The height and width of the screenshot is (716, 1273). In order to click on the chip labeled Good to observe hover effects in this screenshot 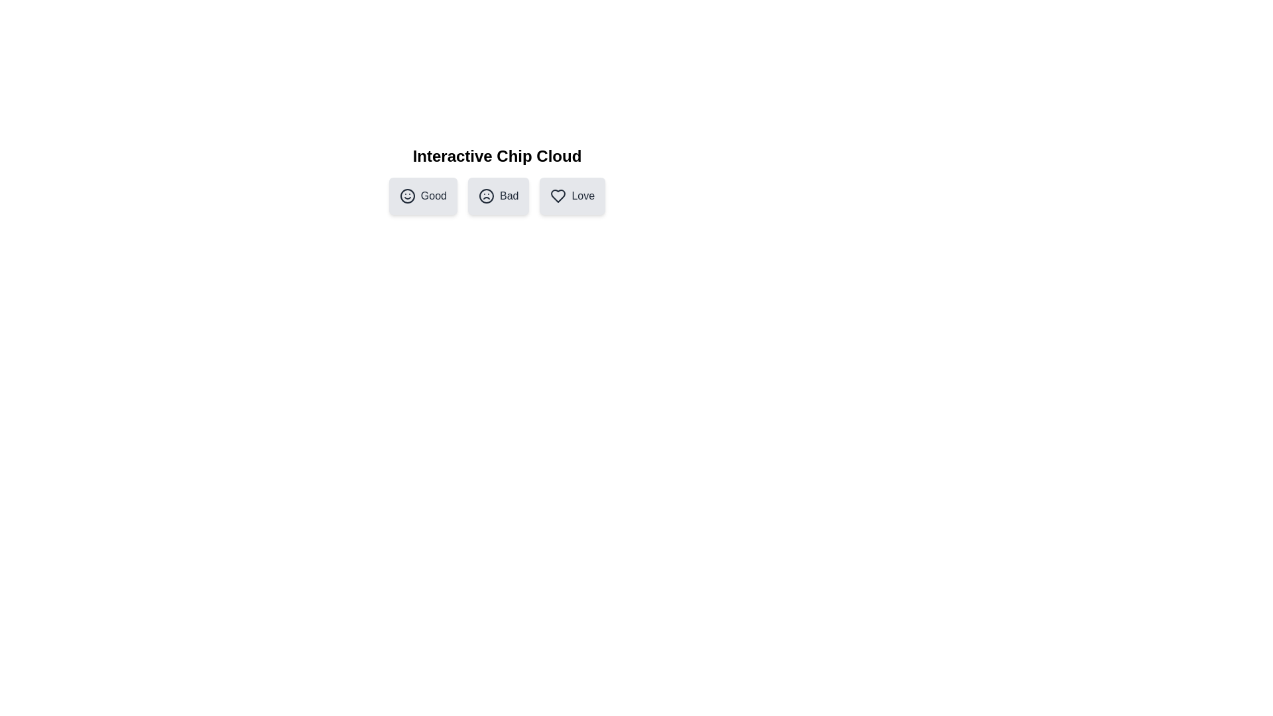, I will do `click(422, 196)`.